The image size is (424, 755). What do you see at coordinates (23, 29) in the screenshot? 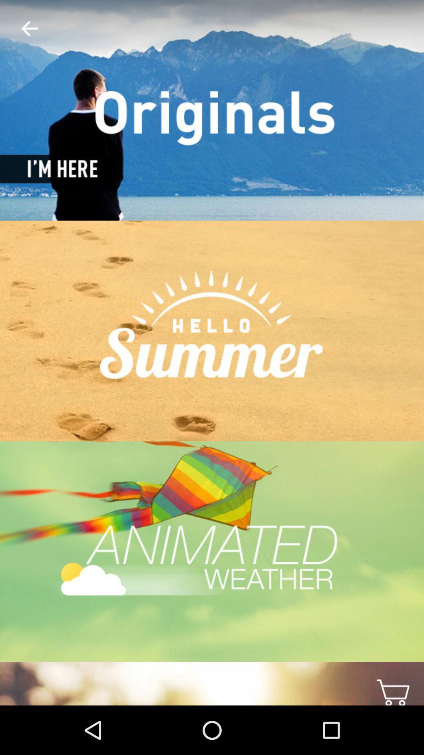
I see `the arrow_backward icon` at bounding box center [23, 29].